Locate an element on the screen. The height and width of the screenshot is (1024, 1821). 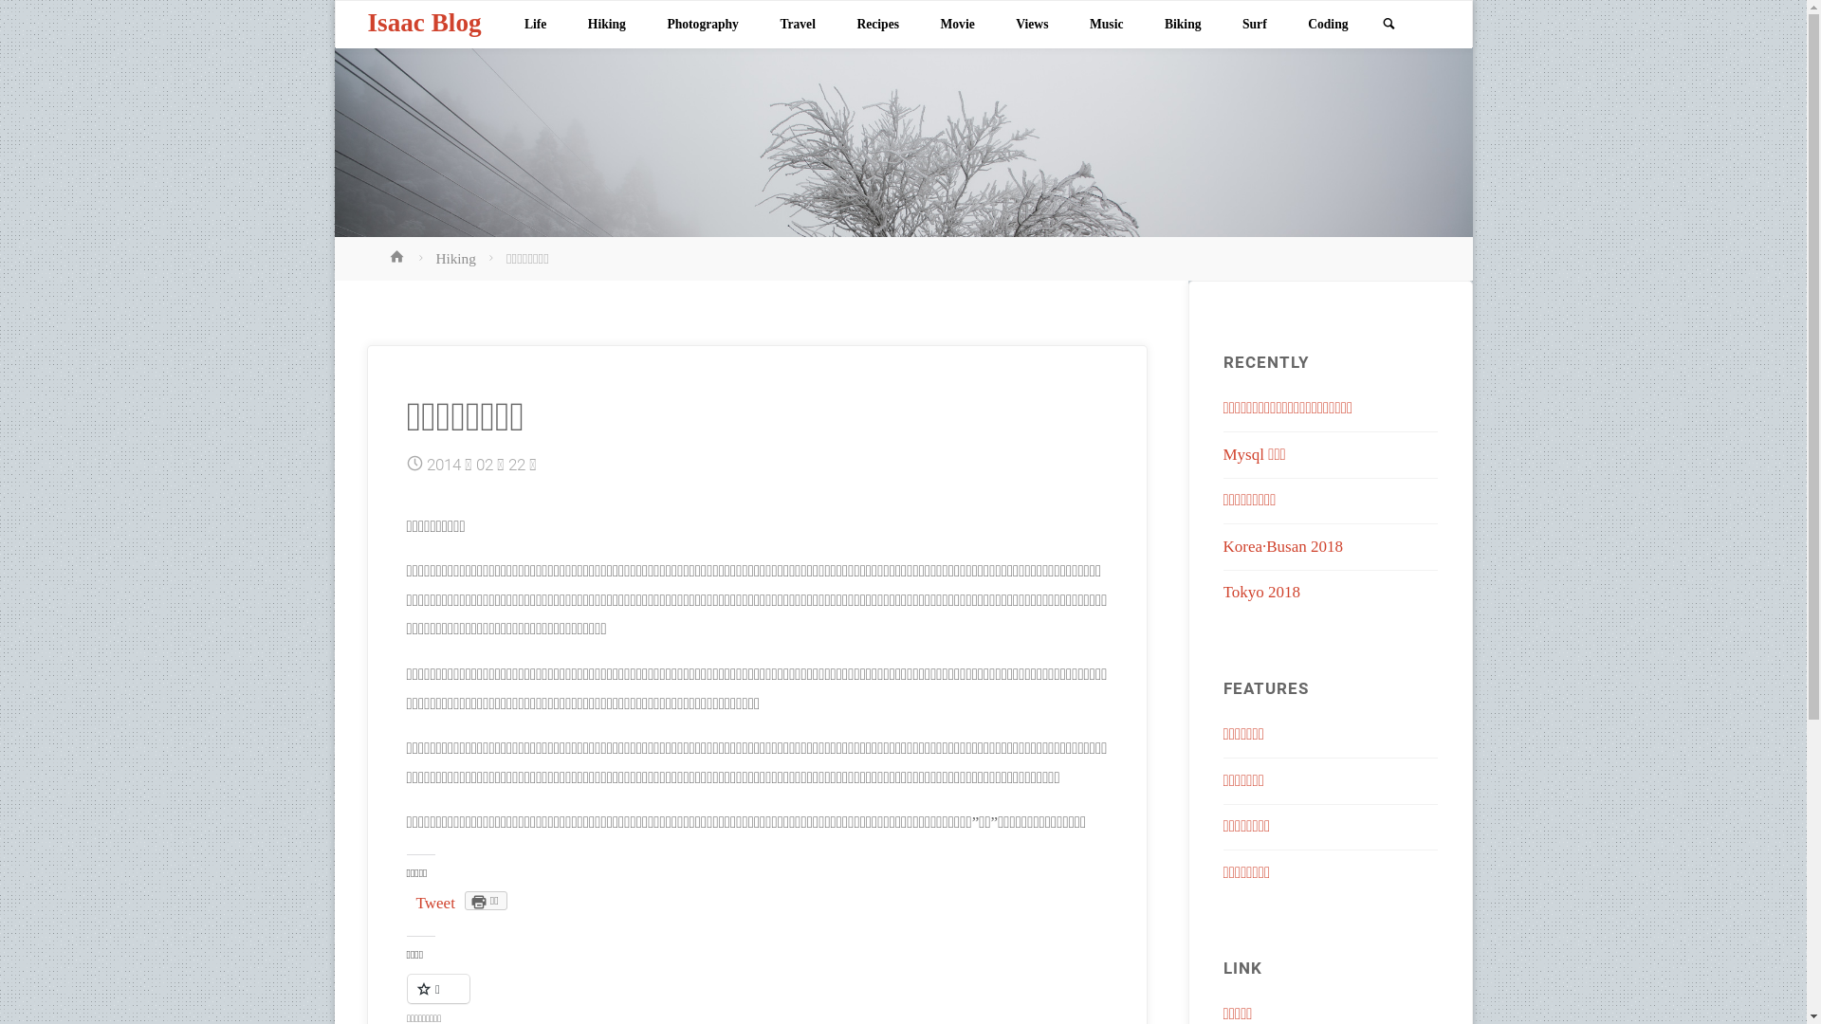
'Home' is located at coordinates (398, 258).